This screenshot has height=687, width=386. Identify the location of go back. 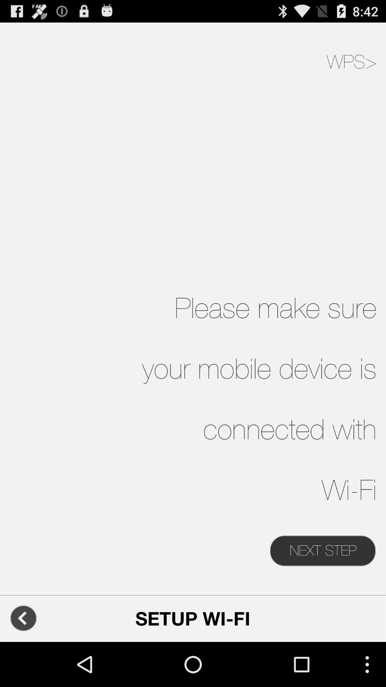
(23, 618).